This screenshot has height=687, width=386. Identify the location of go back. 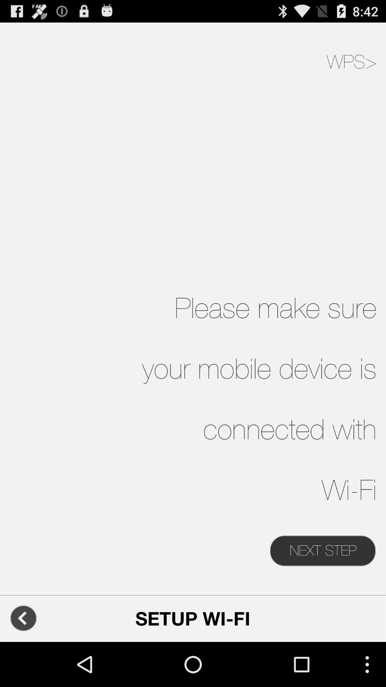
(23, 618).